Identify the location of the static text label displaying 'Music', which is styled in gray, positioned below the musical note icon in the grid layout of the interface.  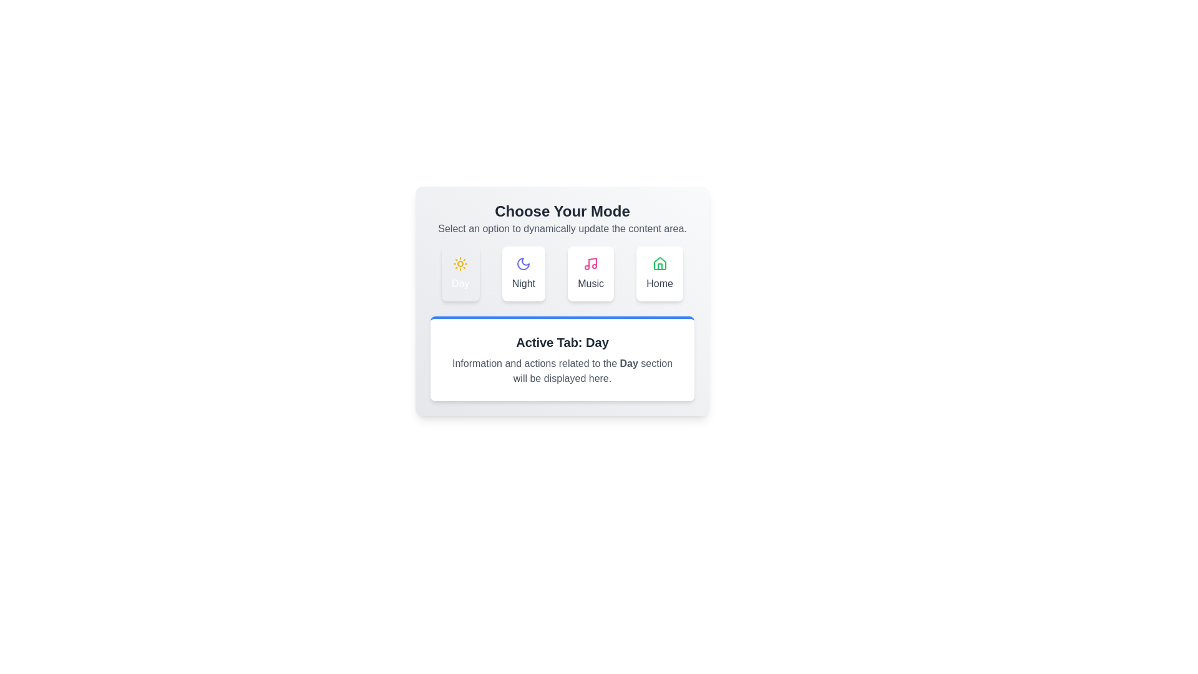
(590, 284).